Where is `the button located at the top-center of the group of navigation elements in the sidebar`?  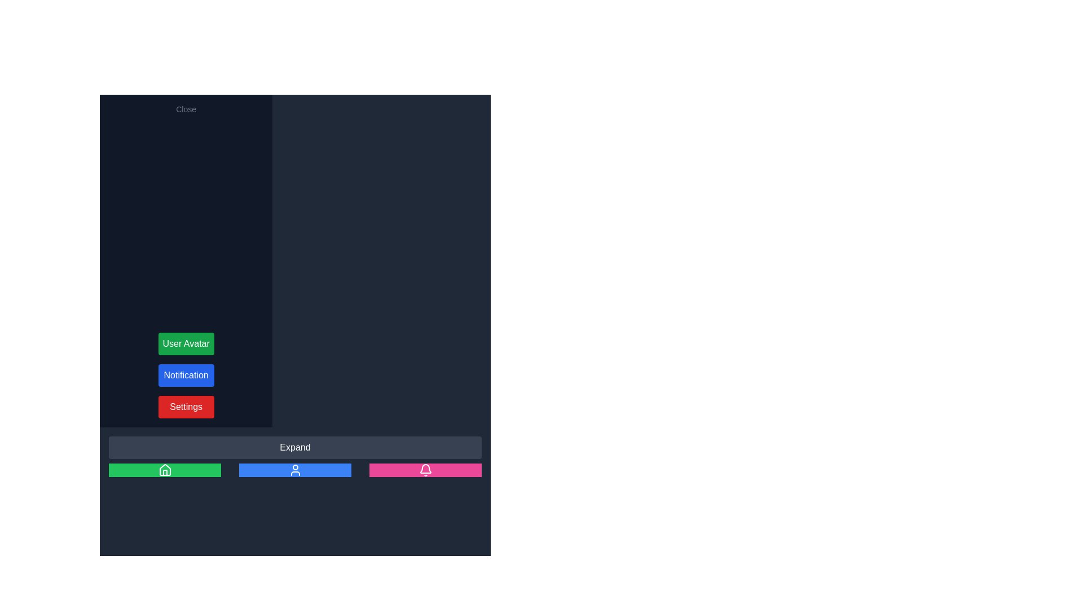
the button located at the top-center of the group of navigation elements in the sidebar is located at coordinates (295, 447).